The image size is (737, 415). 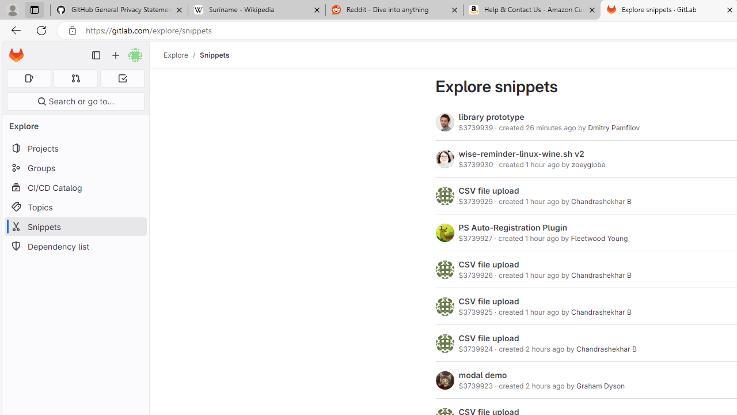 I want to click on 'Dmitry Pamfilov', so click(x=613, y=127).